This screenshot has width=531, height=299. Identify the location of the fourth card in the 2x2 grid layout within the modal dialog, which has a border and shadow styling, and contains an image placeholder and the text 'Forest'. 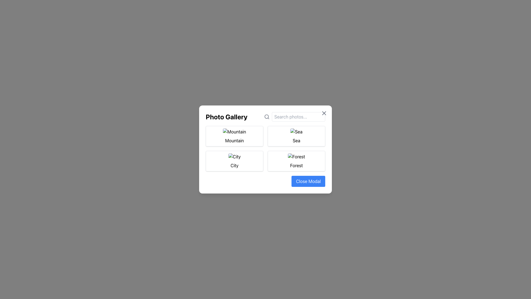
(296, 161).